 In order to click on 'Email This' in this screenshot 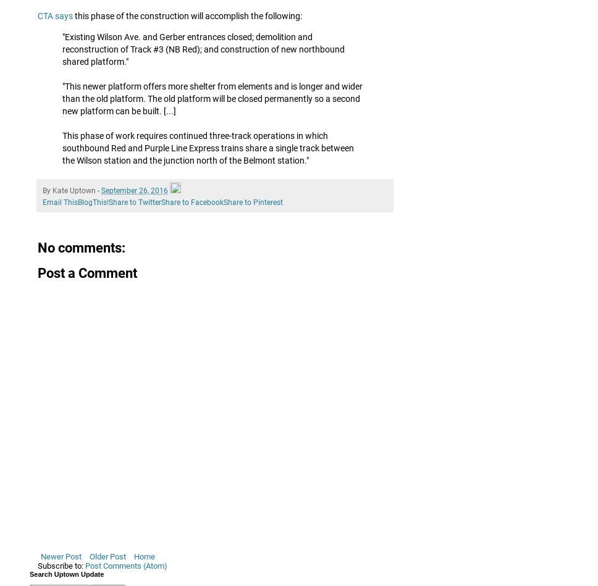, I will do `click(42, 202)`.